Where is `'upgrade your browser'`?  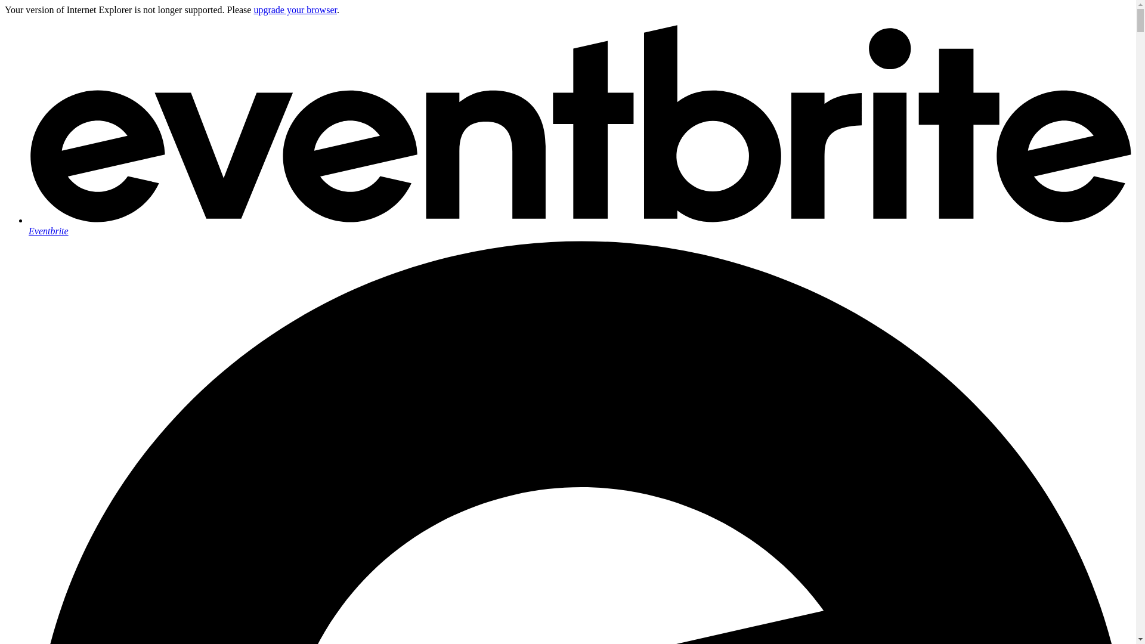 'upgrade your browser' is located at coordinates (295, 10).